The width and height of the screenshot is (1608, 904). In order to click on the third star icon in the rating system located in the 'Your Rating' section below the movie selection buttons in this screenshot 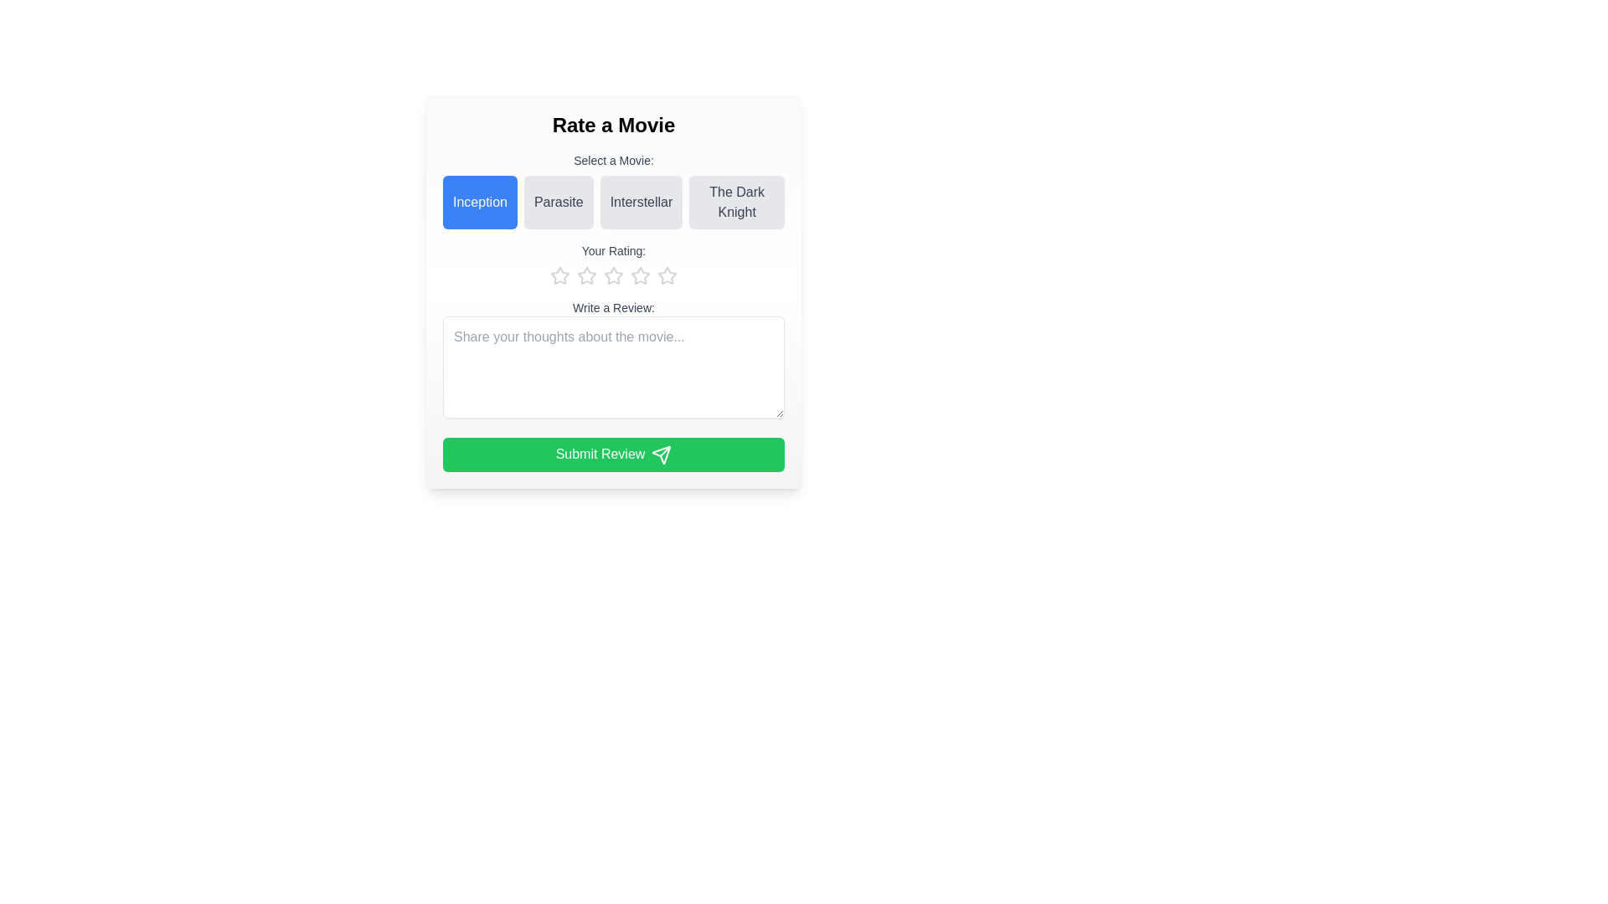, I will do `click(639, 275)`.